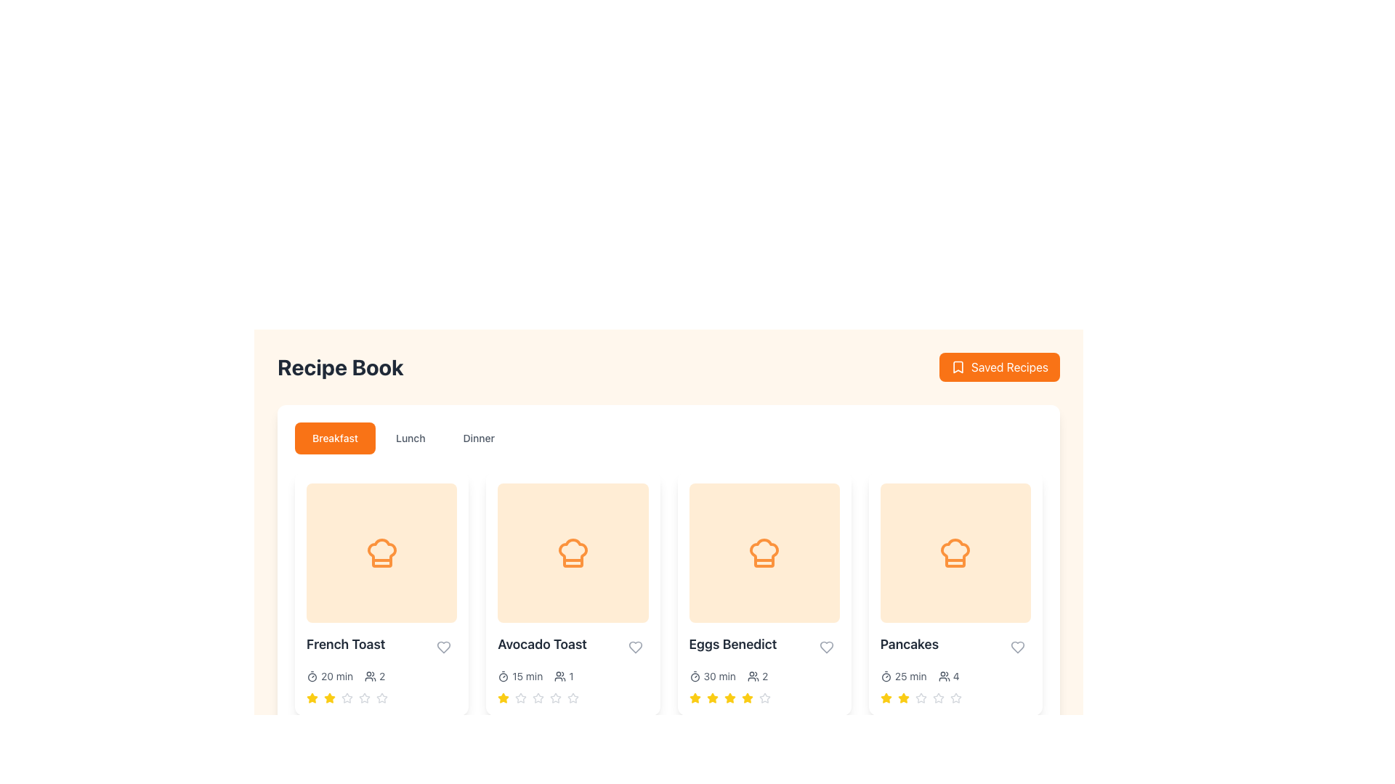 The height and width of the screenshot is (784, 1395). What do you see at coordinates (694, 697) in the screenshot?
I see `the first yellow star icon` at bounding box center [694, 697].